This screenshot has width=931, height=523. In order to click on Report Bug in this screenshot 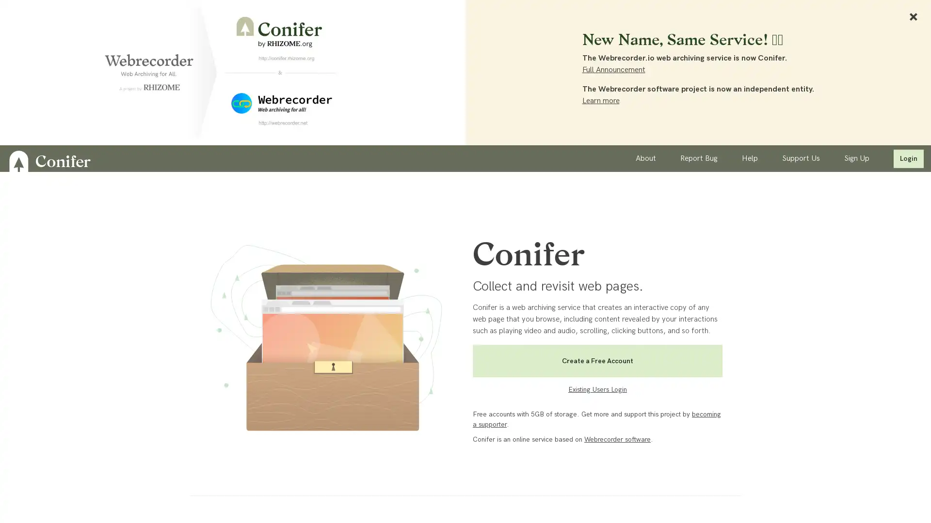, I will do `click(699, 158)`.